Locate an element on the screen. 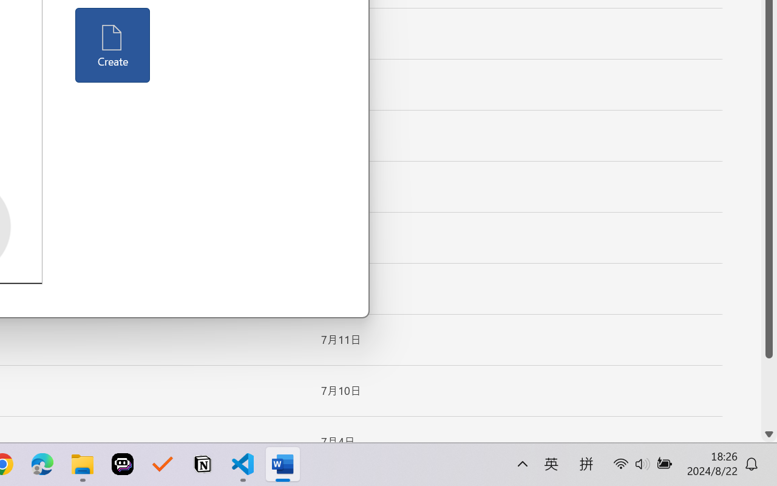  'Create' is located at coordinates (112, 45).